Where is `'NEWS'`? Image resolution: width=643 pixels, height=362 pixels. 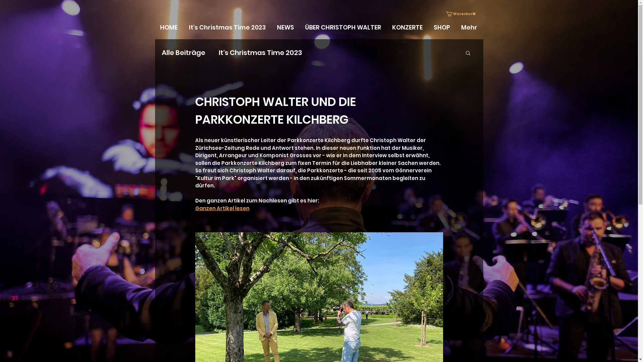 'NEWS' is located at coordinates (286, 27).